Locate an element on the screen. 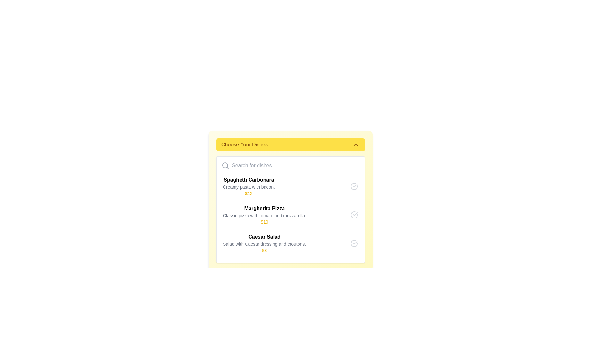  the interactive icon button with a checkmark located to the far right of the 'Spaghetti Carbonara' menu item, indicating the selection state of the item is located at coordinates (354, 186).